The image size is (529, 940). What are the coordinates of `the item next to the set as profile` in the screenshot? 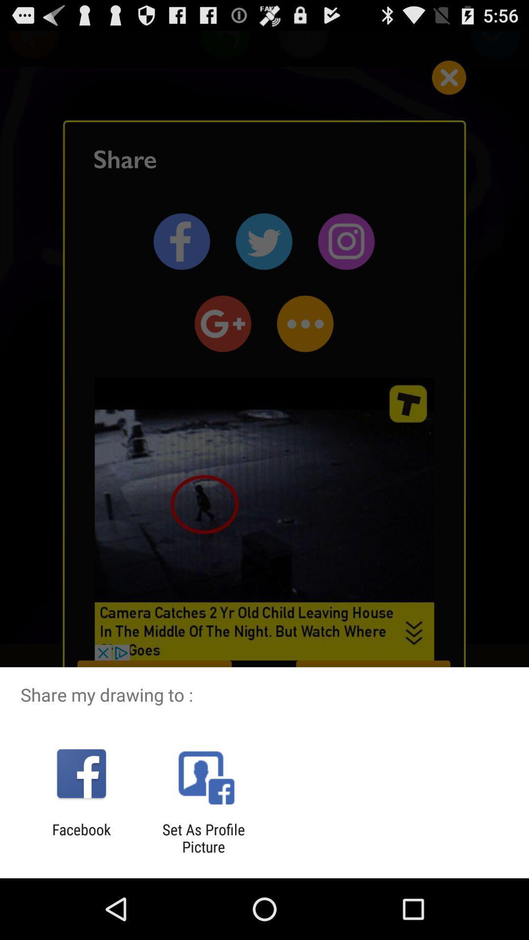 It's located at (81, 838).